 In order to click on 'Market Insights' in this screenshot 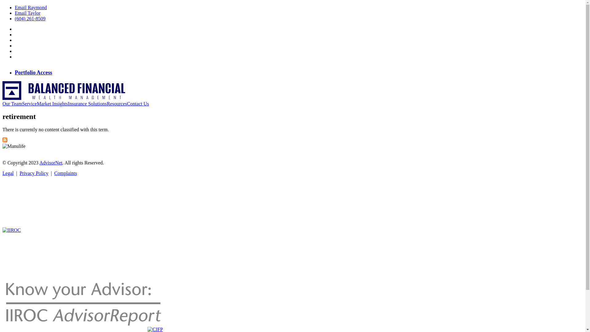, I will do `click(52, 104)`.